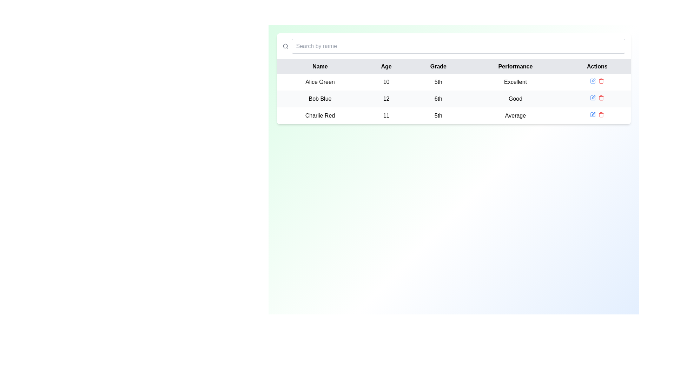 The width and height of the screenshot is (674, 379). What do you see at coordinates (515, 99) in the screenshot?
I see `the static text label displaying 'Good' in the 'Performance' column for 'Bob Blue' in the table` at bounding box center [515, 99].